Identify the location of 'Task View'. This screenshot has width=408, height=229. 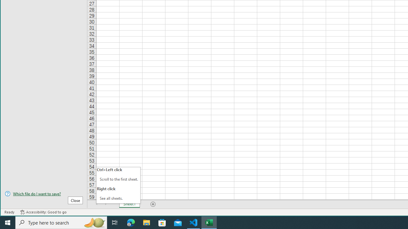
(114, 222).